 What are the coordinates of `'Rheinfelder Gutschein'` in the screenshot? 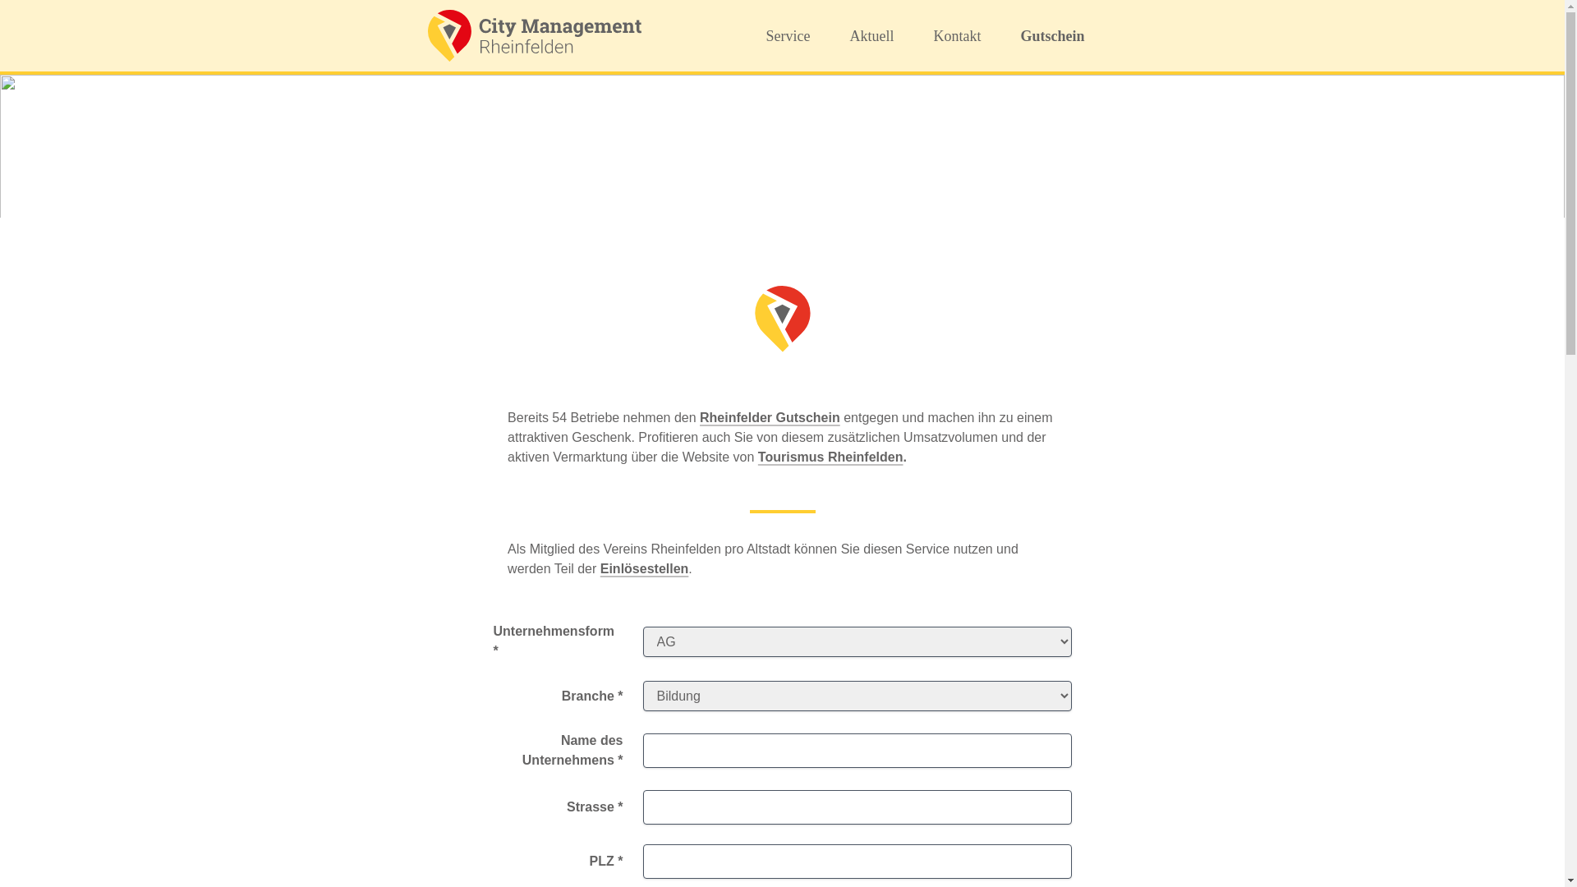 It's located at (699, 416).